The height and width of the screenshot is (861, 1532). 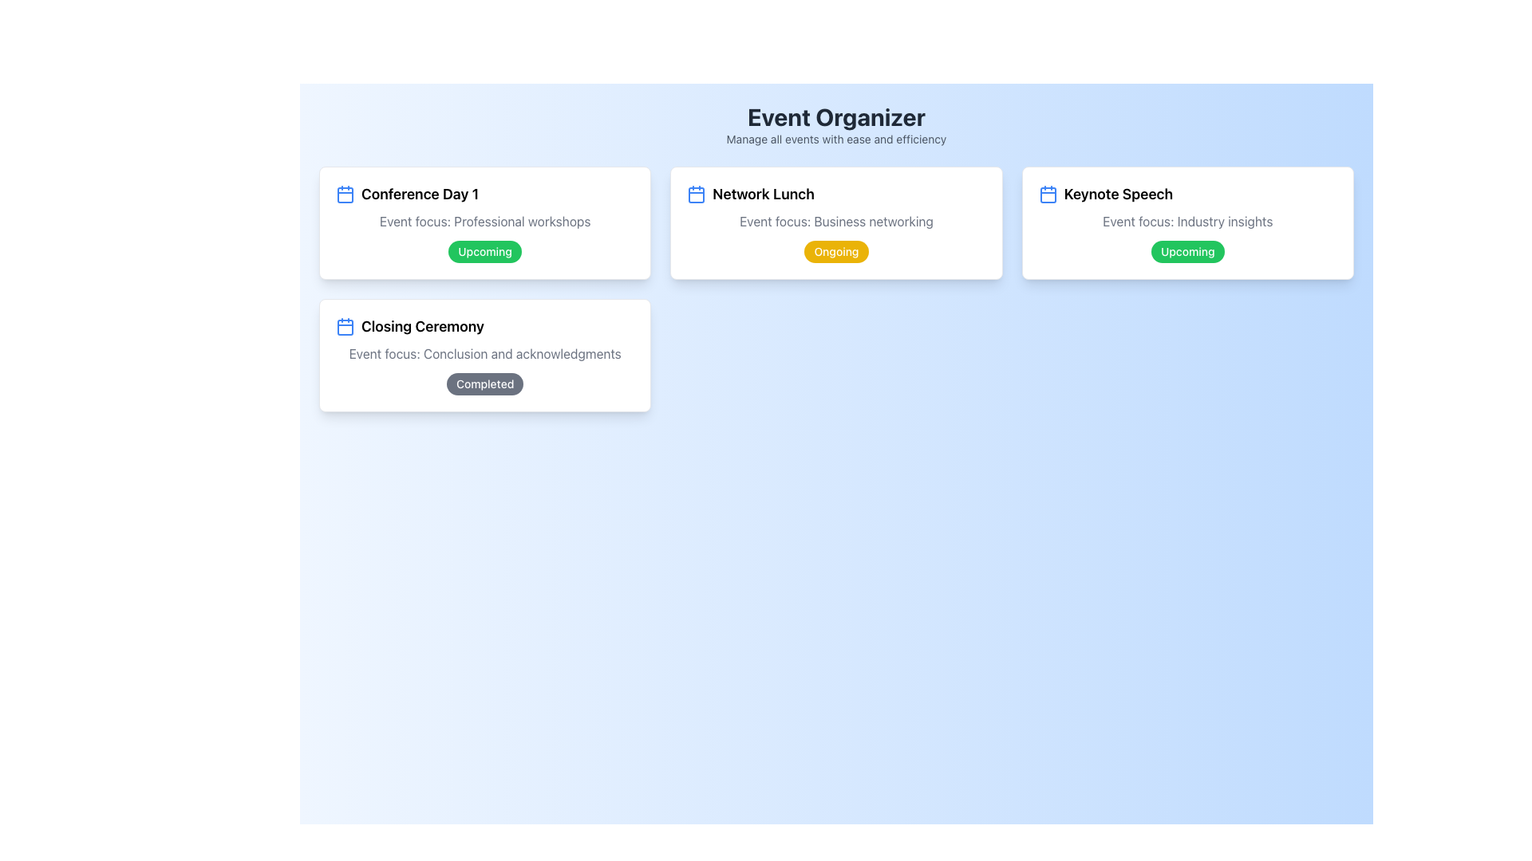 What do you see at coordinates (484, 355) in the screenshot?
I see `the Information card titled 'Closing Ceremony', which is located in the lower-left segment of the grid layout and is the fourth card in visual sequence` at bounding box center [484, 355].